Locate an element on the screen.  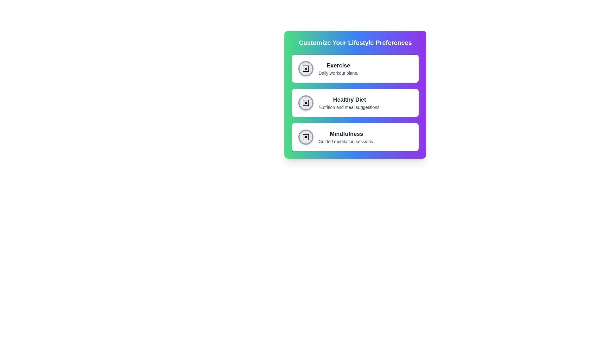
the informational label related to mindfulness and guided meditation sessions is located at coordinates (346, 136).